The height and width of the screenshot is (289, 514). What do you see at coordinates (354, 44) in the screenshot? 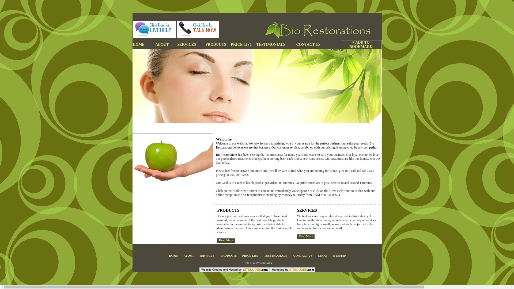
I see `'+ ADD TO BOOKMARK'` at bounding box center [354, 44].